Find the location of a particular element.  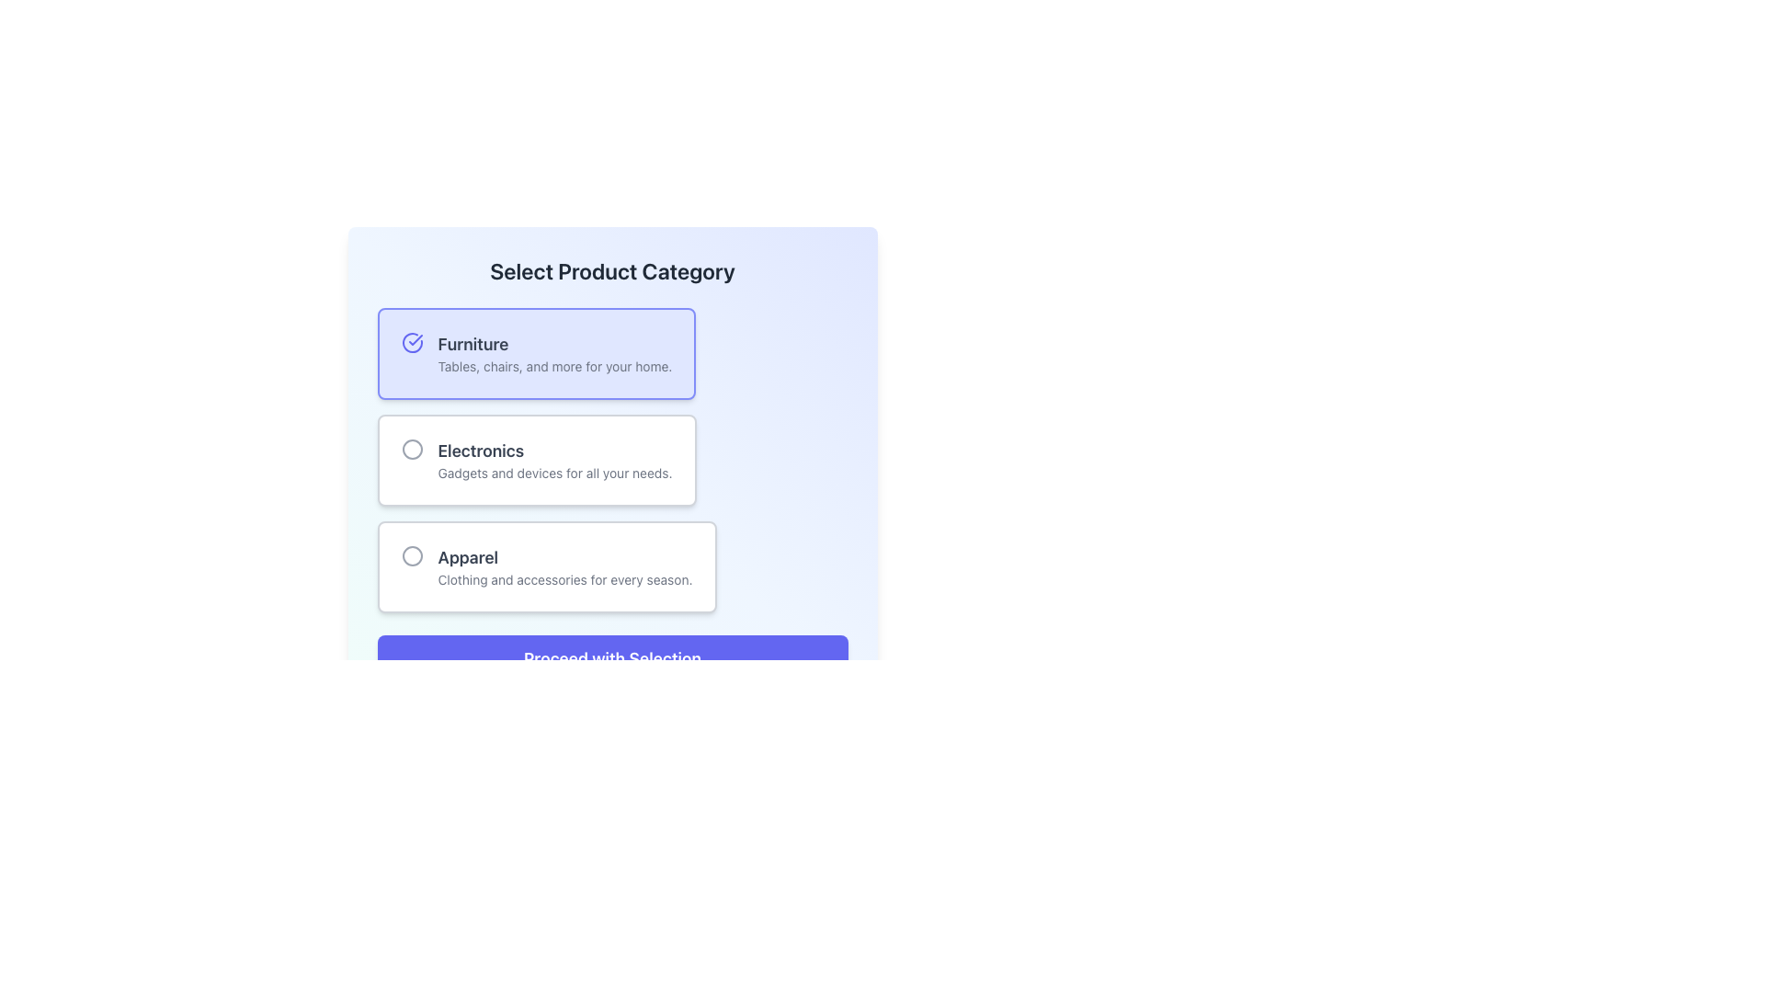

to select the 'Electronics' category from the vertically aligned stack of selectable cards under the 'Select Product Category' header is located at coordinates (612, 460).